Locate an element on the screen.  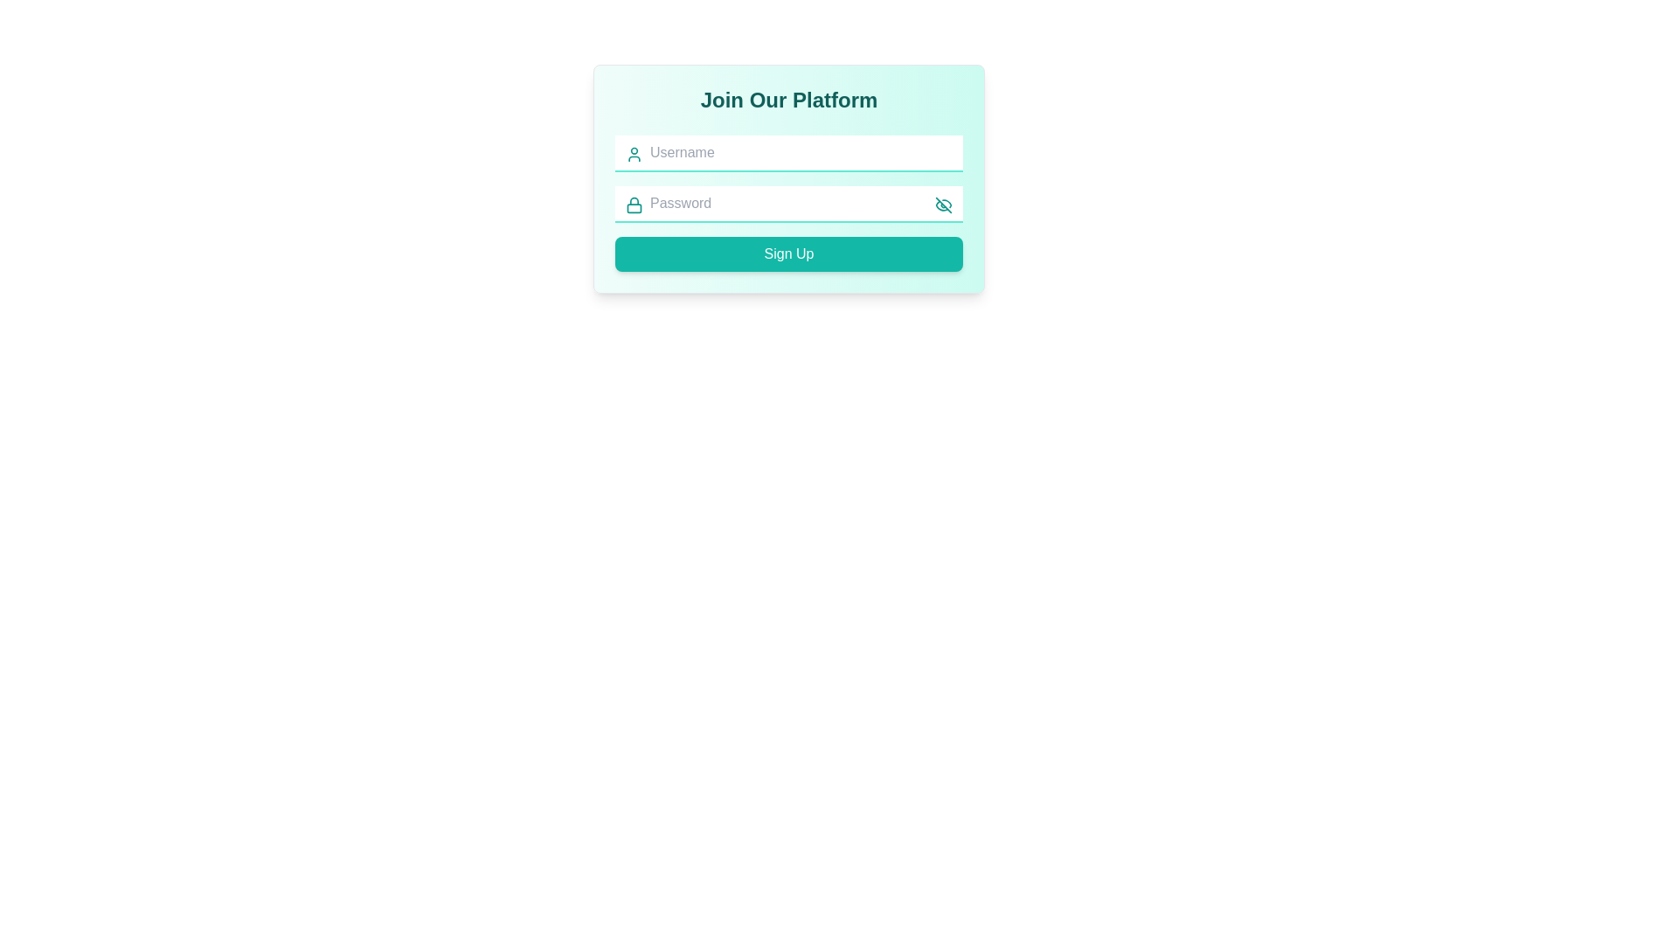
properties of the Password Input Field, which is the second input field in the vertical form layout, located directly below the 'Username' input field and above the 'Sign Up' button is located at coordinates (787, 204).